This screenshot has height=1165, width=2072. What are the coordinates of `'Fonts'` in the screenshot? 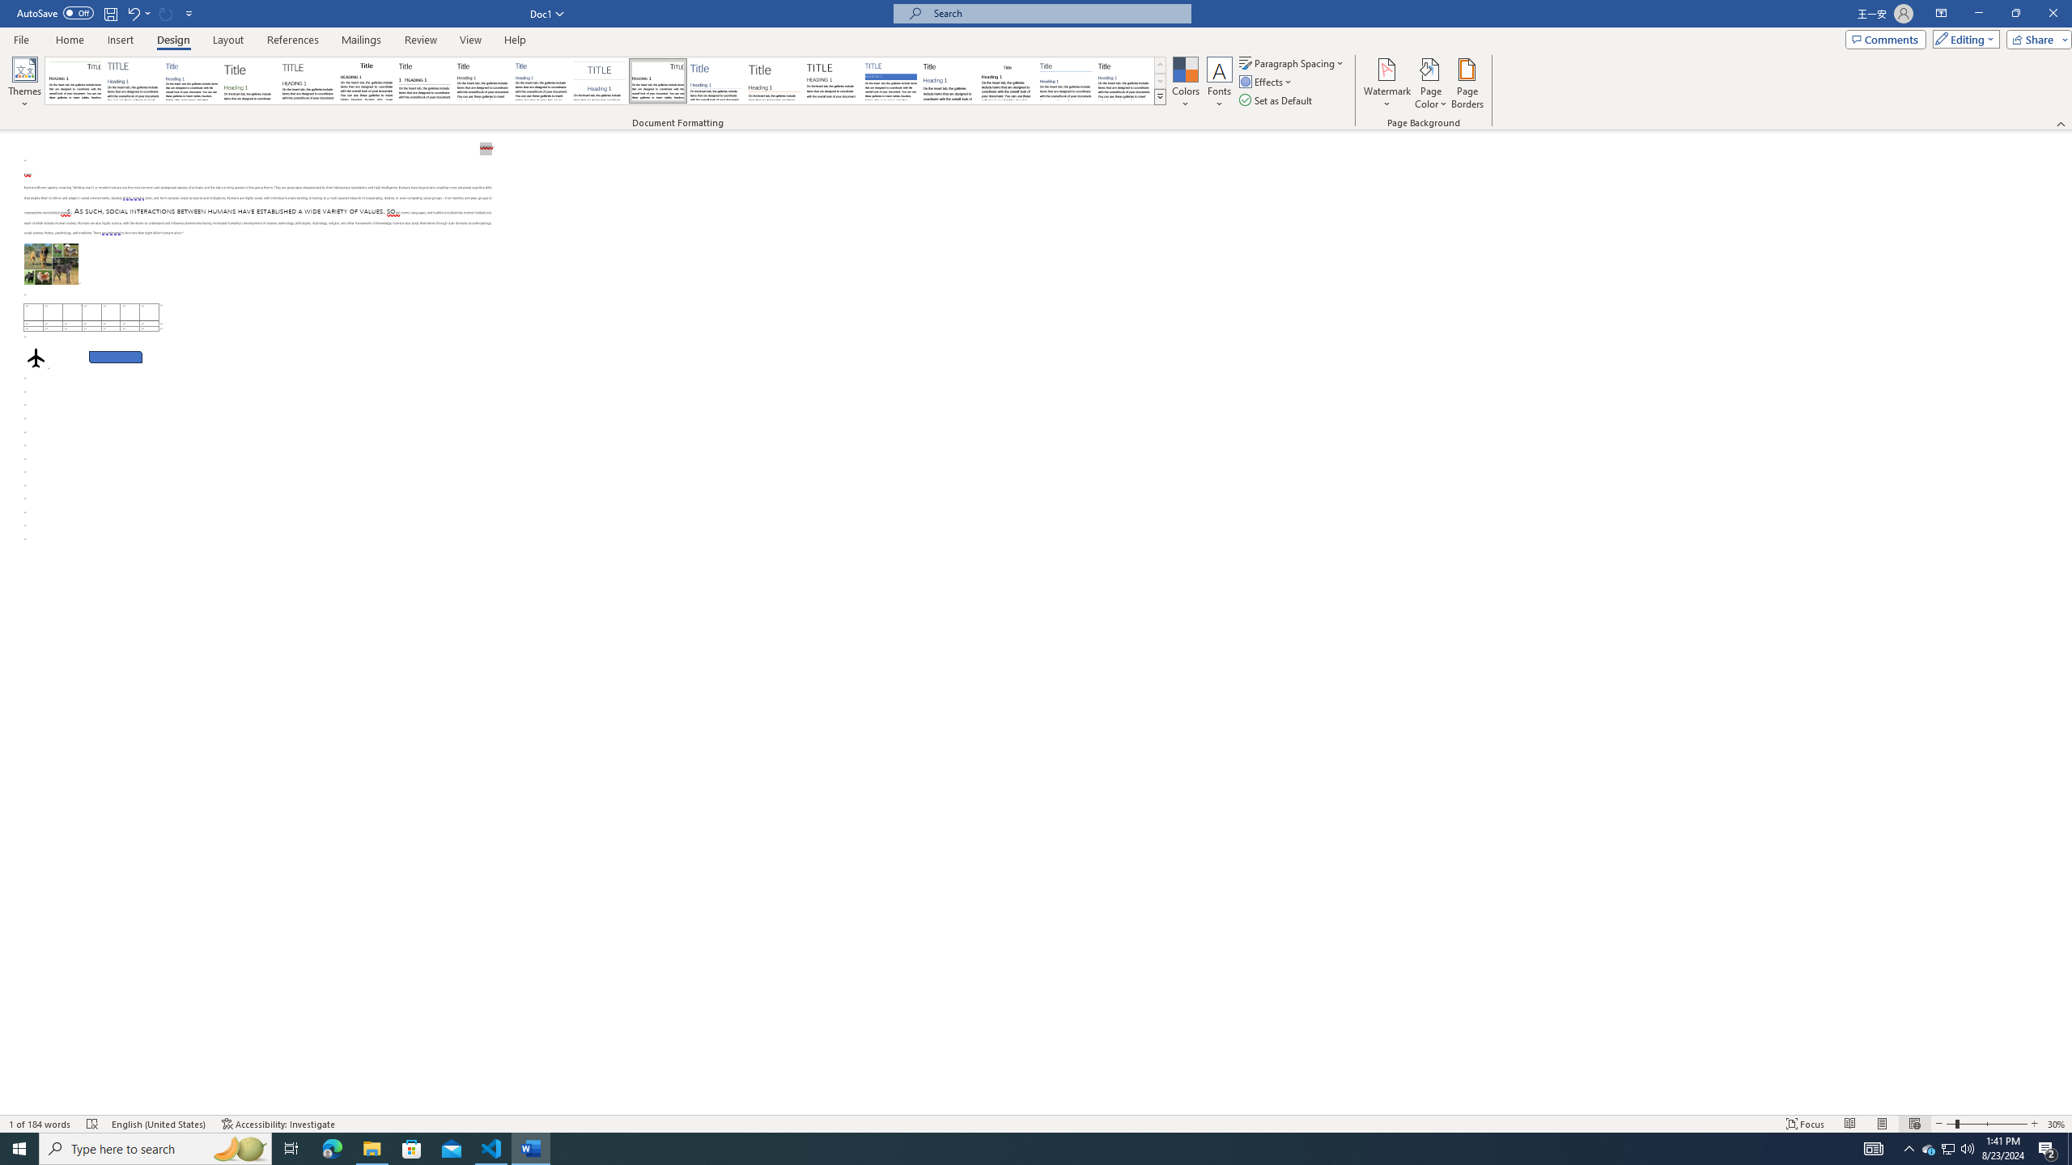 It's located at (1218, 83).